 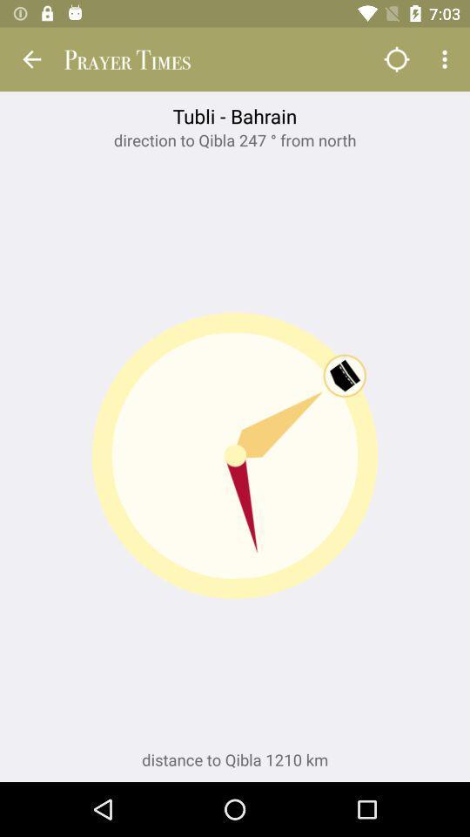 I want to click on app next to prayer times, so click(x=396, y=59).